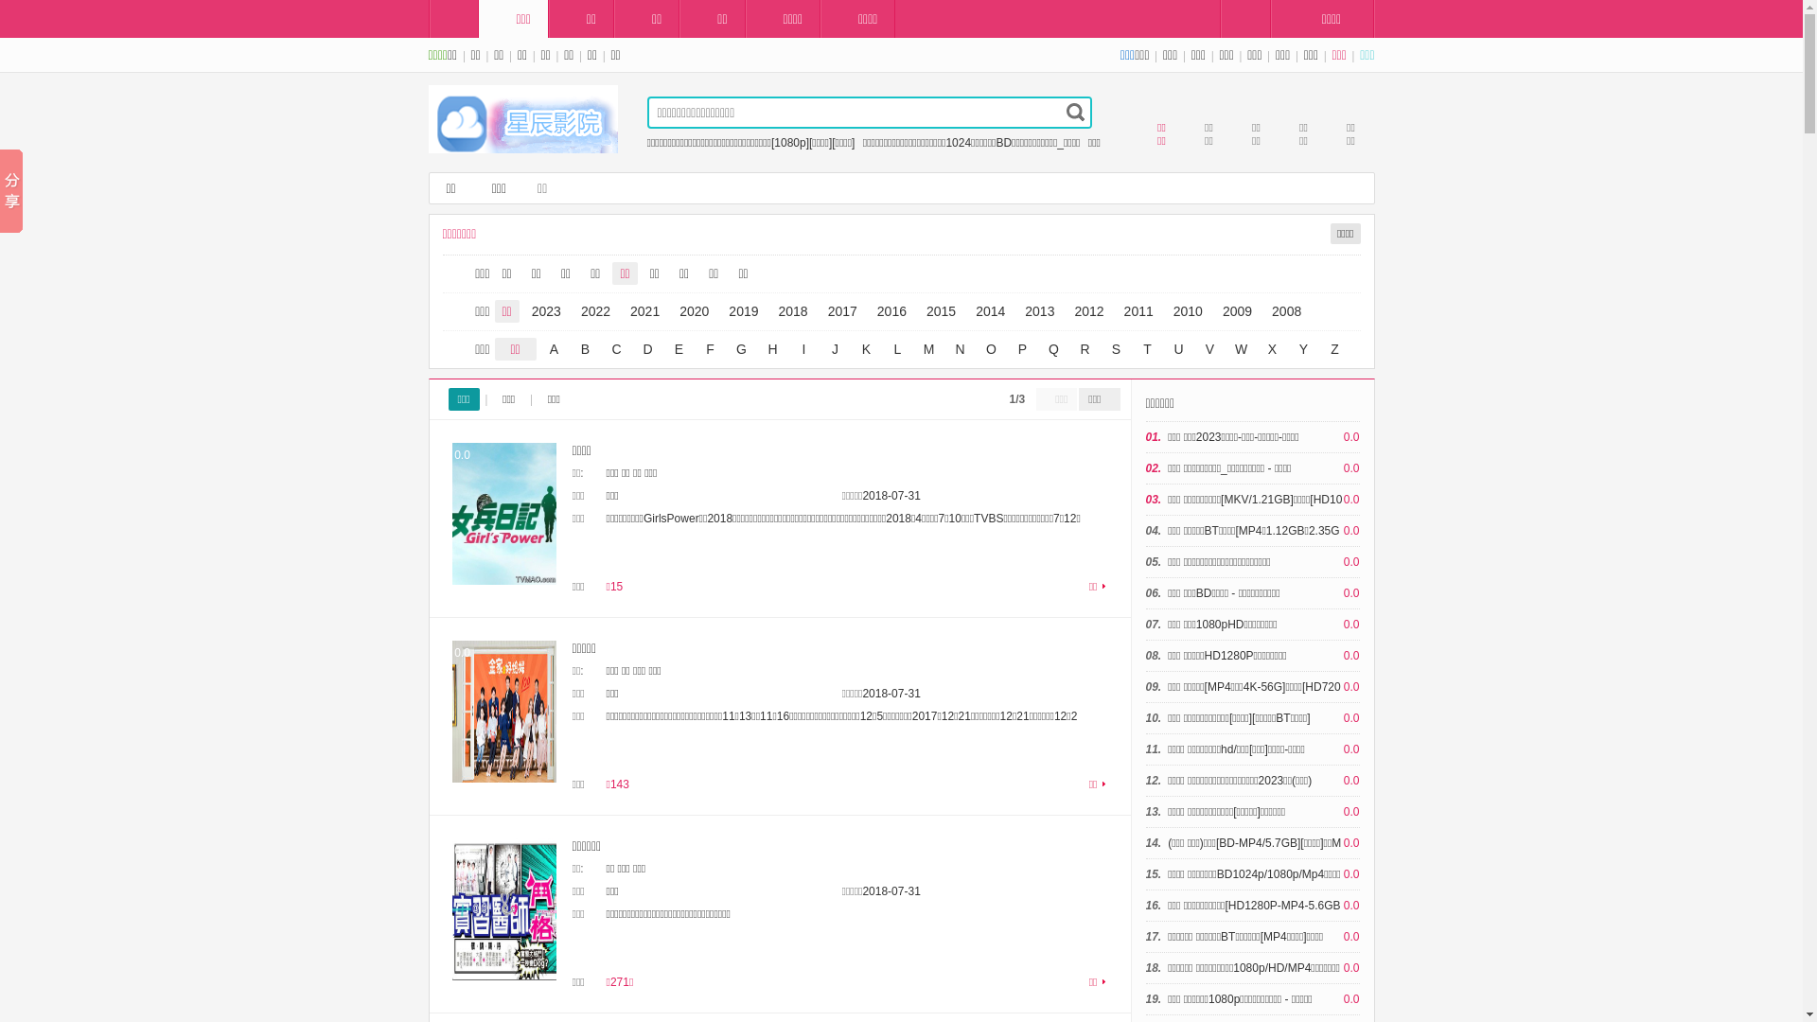 Image resolution: width=1817 pixels, height=1022 pixels. What do you see at coordinates (1237, 309) in the screenshot?
I see `'2009'` at bounding box center [1237, 309].